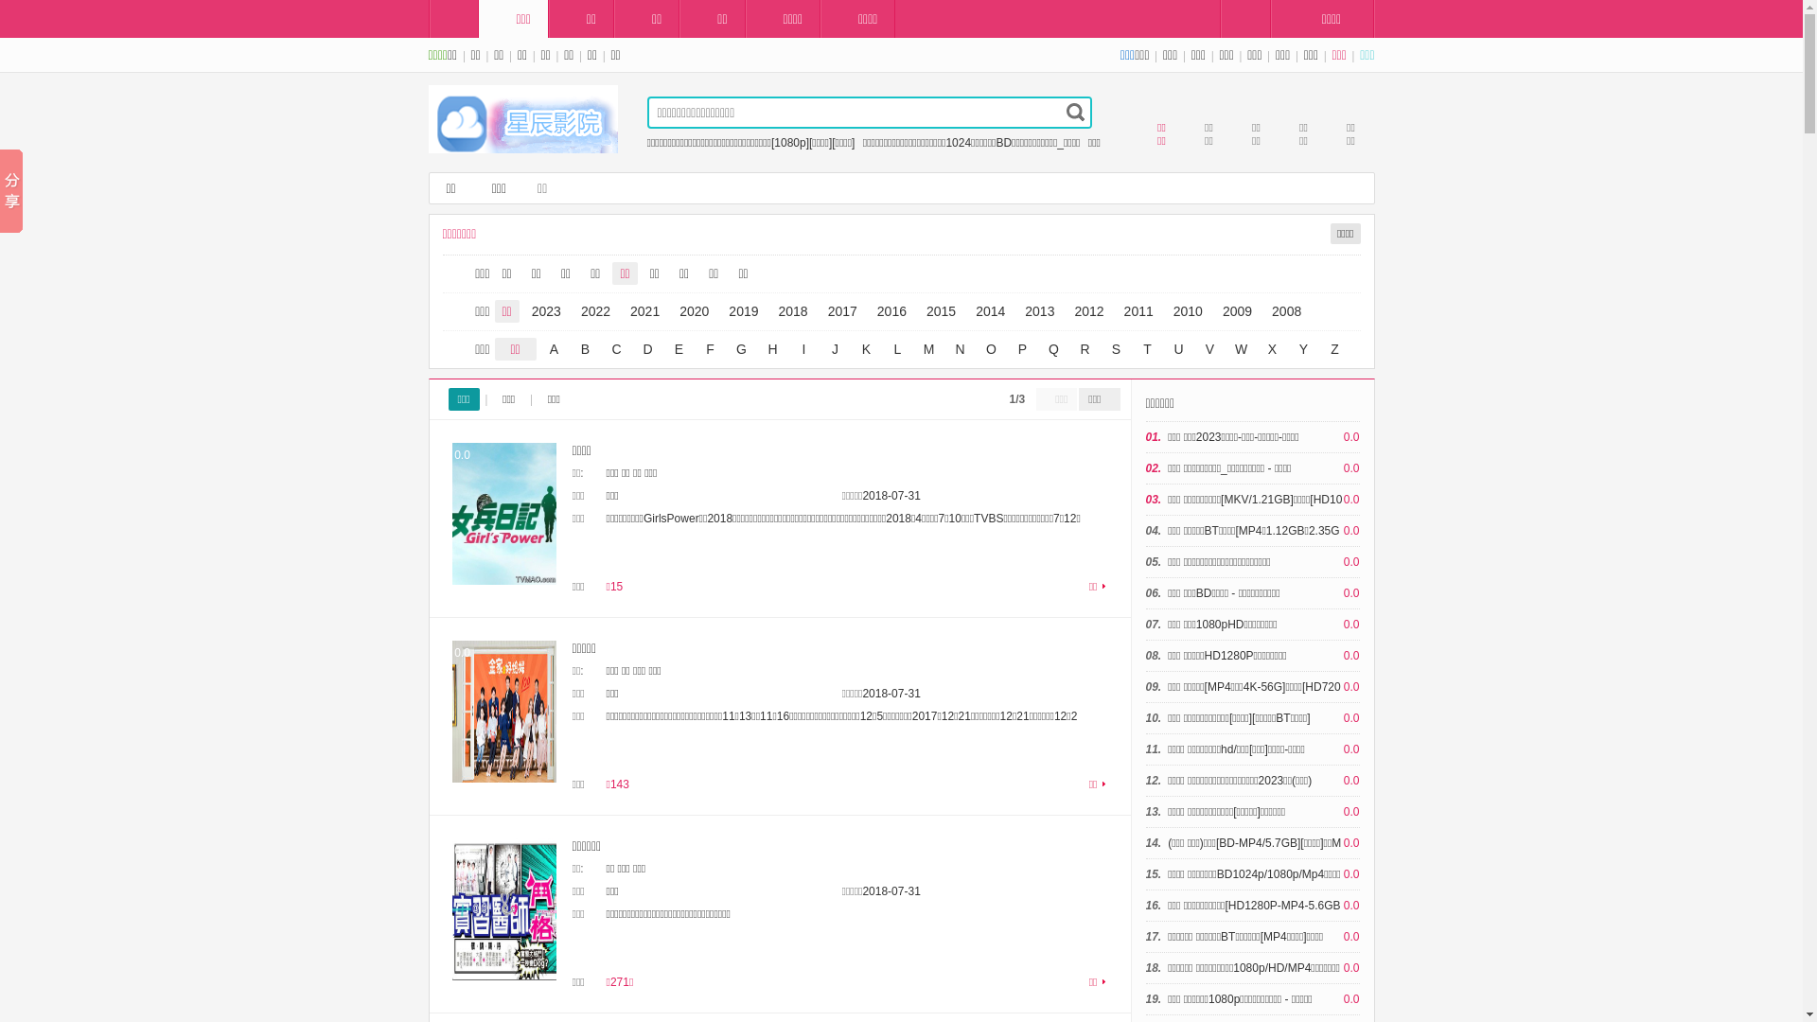 Image resolution: width=1817 pixels, height=1022 pixels. What do you see at coordinates (1237, 309) in the screenshot?
I see `'2009'` at bounding box center [1237, 309].